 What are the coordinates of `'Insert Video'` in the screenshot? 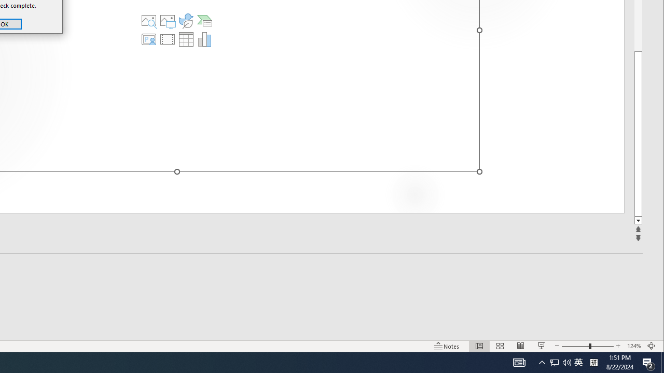 It's located at (168, 38).